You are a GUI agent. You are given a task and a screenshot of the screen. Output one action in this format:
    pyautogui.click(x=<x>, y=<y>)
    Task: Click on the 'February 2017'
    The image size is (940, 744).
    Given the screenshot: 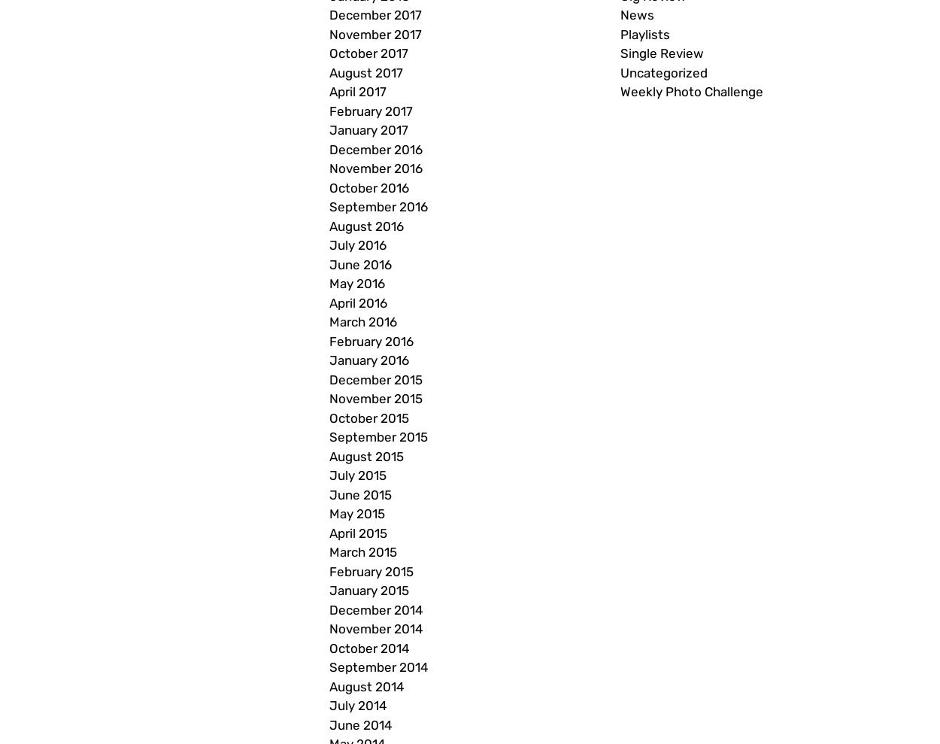 What is the action you would take?
    pyautogui.click(x=369, y=109)
    